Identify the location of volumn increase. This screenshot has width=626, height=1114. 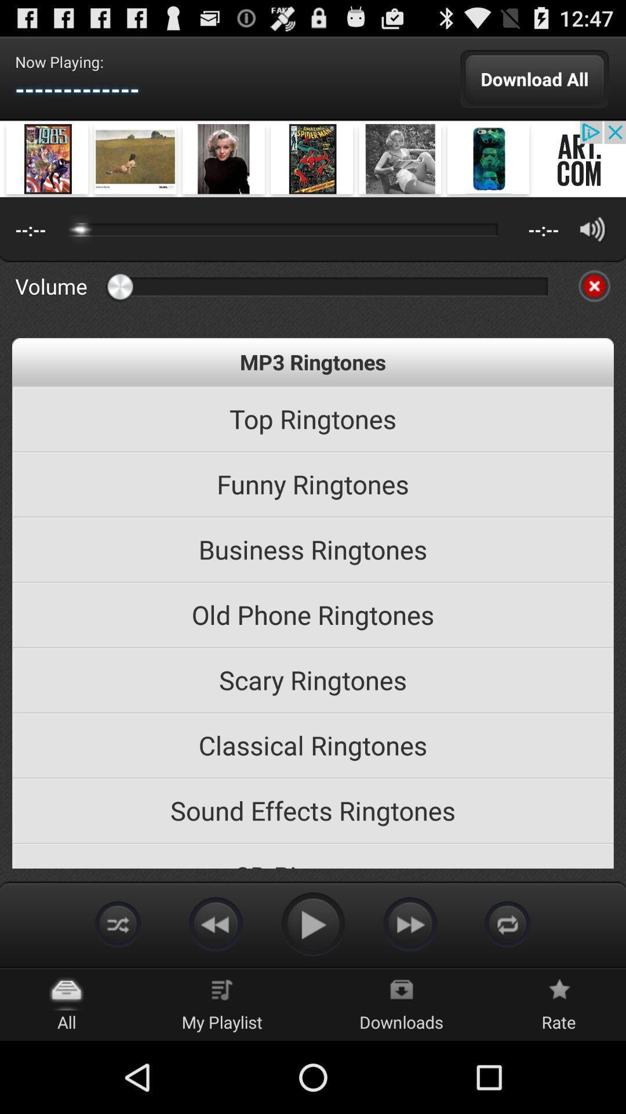
(592, 229).